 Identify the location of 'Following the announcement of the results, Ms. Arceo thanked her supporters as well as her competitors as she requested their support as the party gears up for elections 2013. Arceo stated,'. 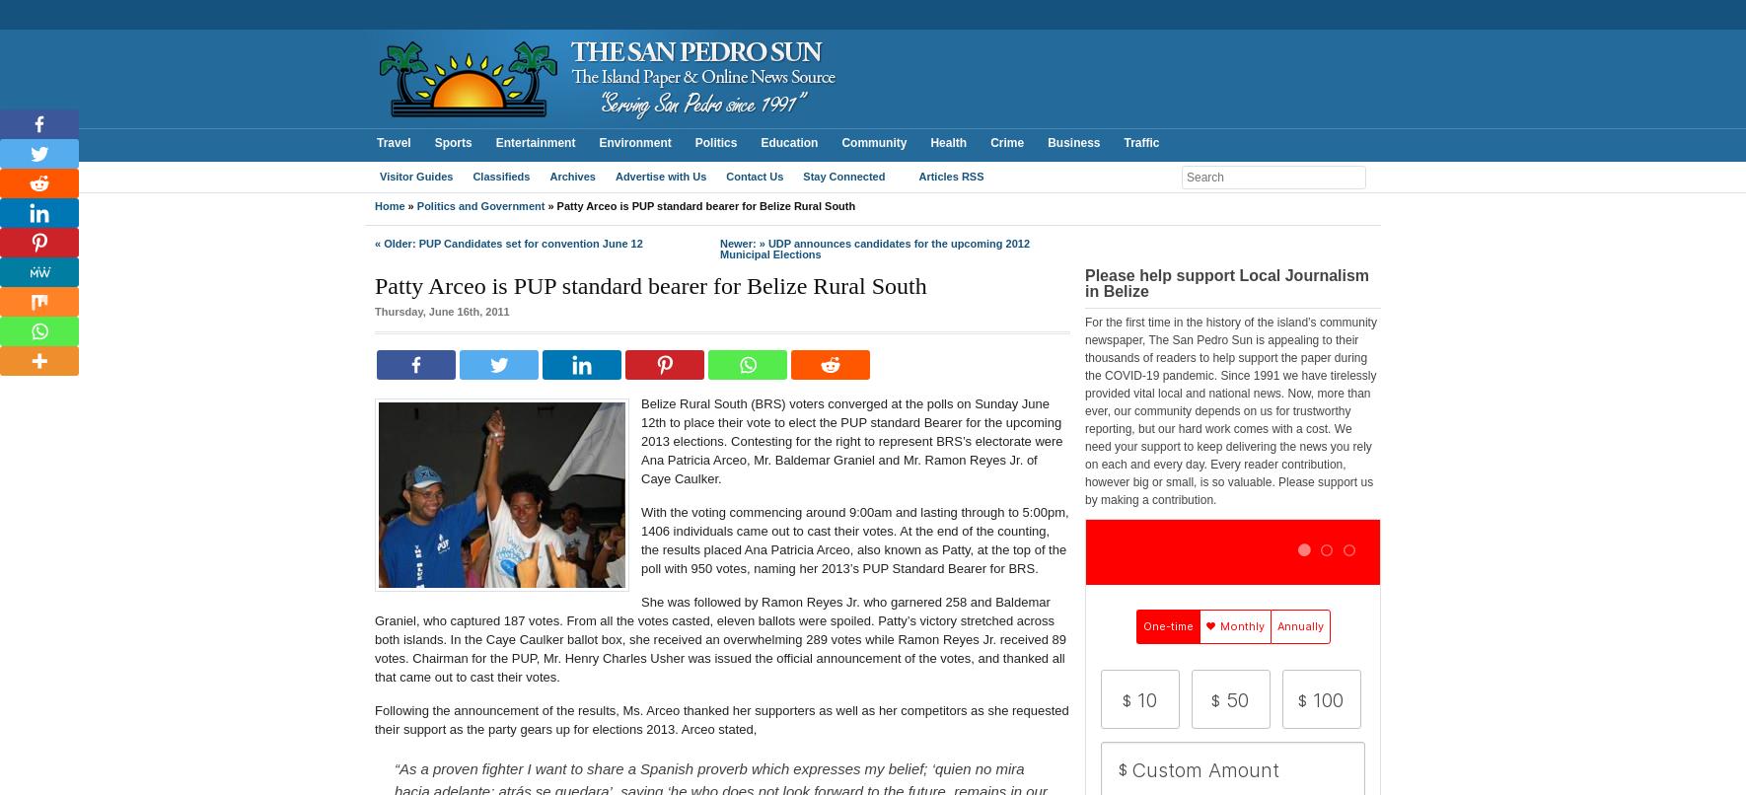
(720, 719).